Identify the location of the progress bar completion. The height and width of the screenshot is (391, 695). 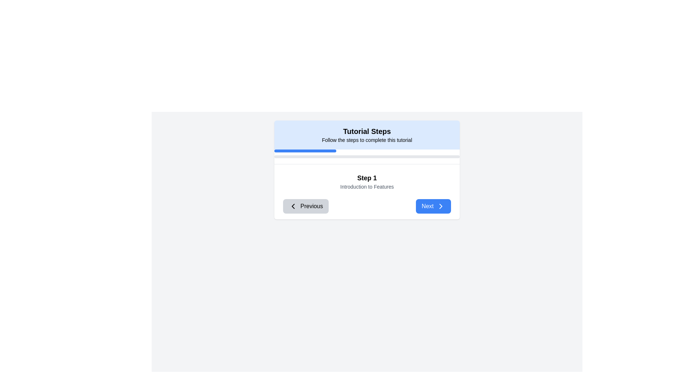
(455, 156).